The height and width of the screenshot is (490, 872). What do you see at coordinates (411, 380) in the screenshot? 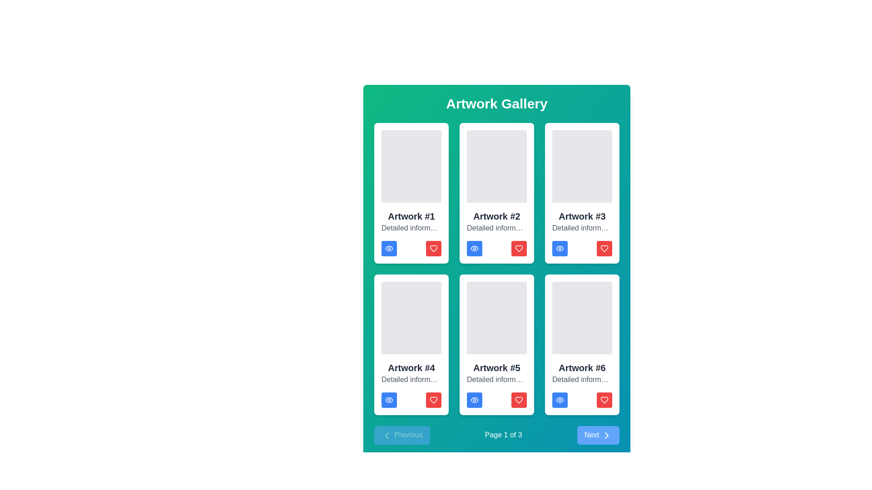
I see `the text block containing the phrase 'Detailed information about Artwork #4.' which is located in the bottom-left corner of the artwork cards, directly below the title 'Artwork #4'` at bounding box center [411, 380].